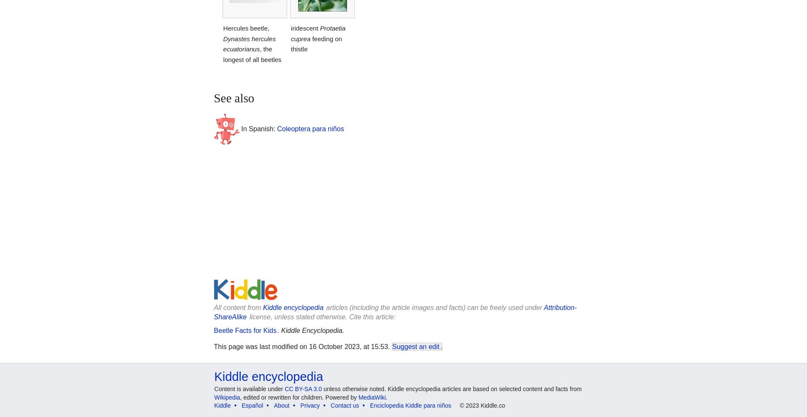 The height and width of the screenshot is (417, 807). What do you see at coordinates (213, 330) in the screenshot?
I see `'Beetle Facts for Kids'` at bounding box center [213, 330].